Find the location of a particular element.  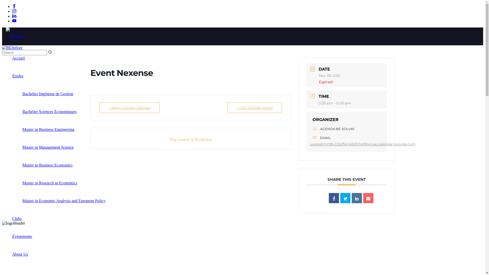

'Accueil' is located at coordinates (18, 58).